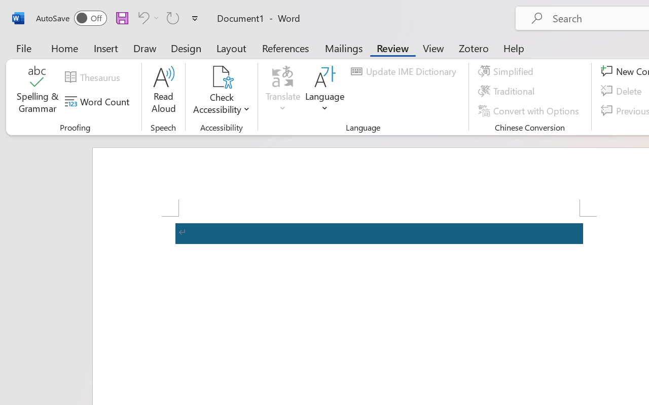 Image resolution: width=649 pixels, height=405 pixels. Describe the element at coordinates (173, 17) in the screenshot. I see `'Repeat Accessibility Checker'` at that location.